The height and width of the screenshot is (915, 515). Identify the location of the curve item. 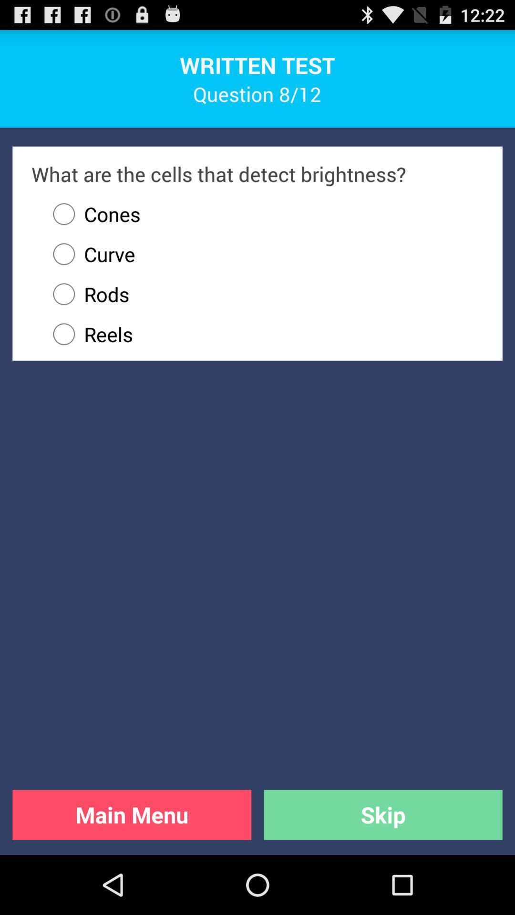
(89, 254).